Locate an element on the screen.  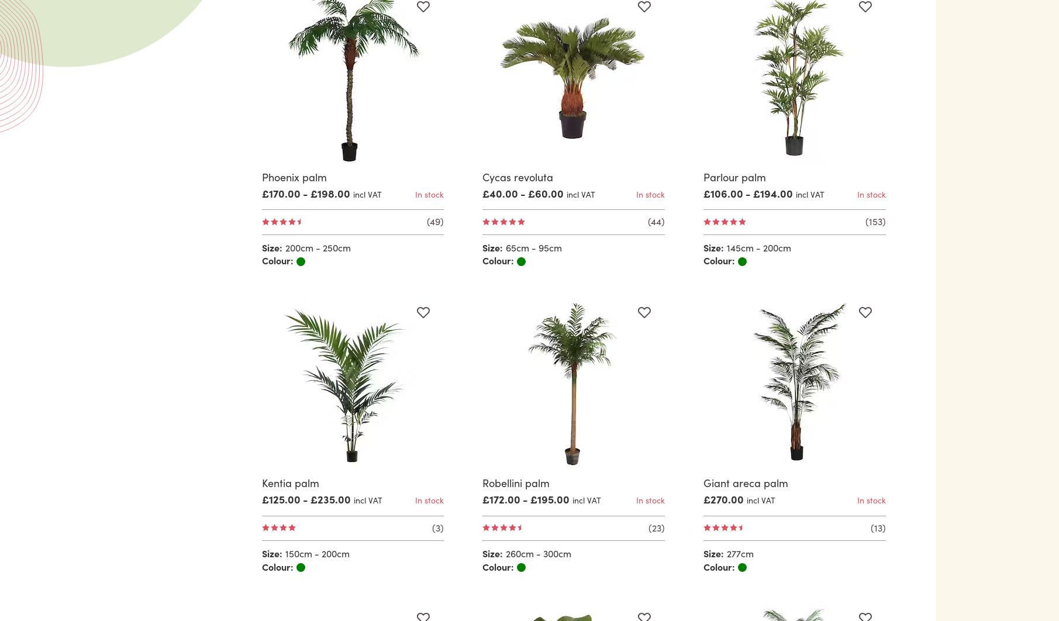
'£270.00' is located at coordinates (723, 498).